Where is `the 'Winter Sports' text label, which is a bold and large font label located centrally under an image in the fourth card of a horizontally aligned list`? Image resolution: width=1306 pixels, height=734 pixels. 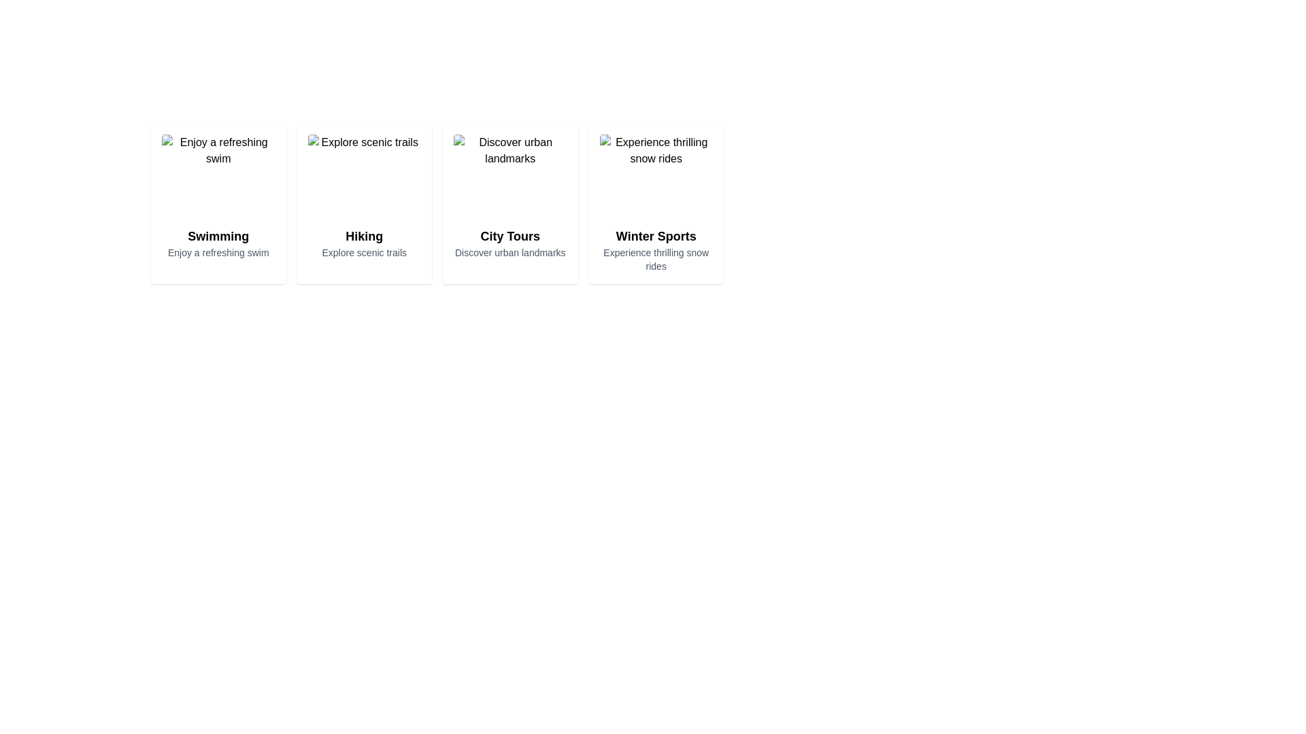 the 'Winter Sports' text label, which is a bold and large font label located centrally under an image in the fourth card of a horizontally aligned list is located at coordinates (656, 235).